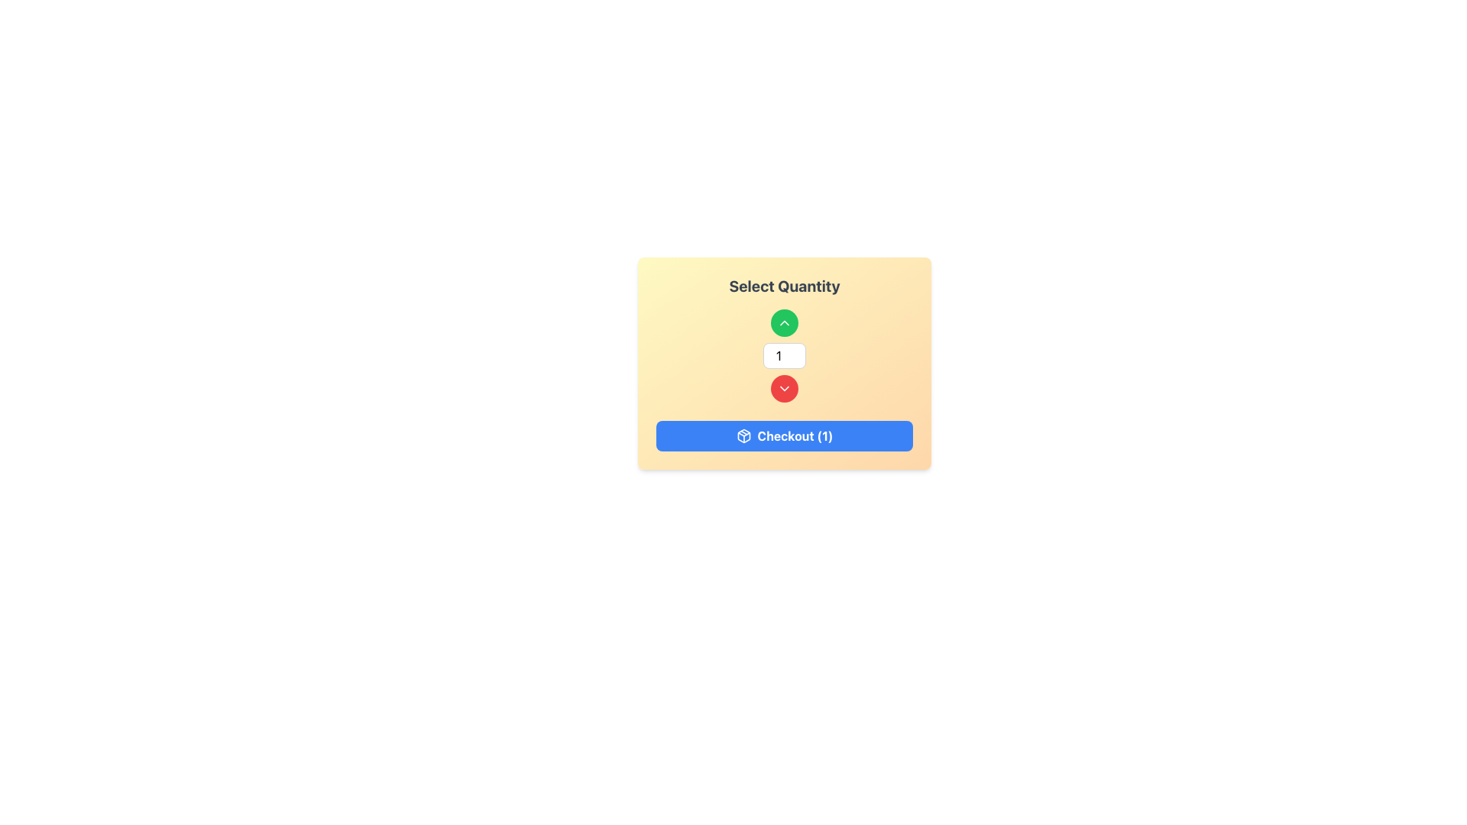  I want to click on the upward-pointing chevron icon located centrally within the green circular button to increment the value displayed in the text box below, so click(785, 322).